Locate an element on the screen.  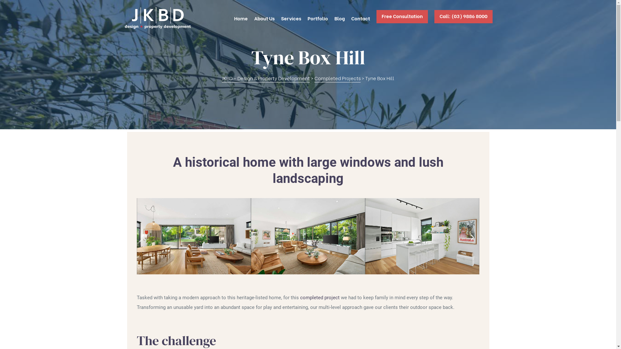
'Portfolio' is located at coordinates (307, 18).